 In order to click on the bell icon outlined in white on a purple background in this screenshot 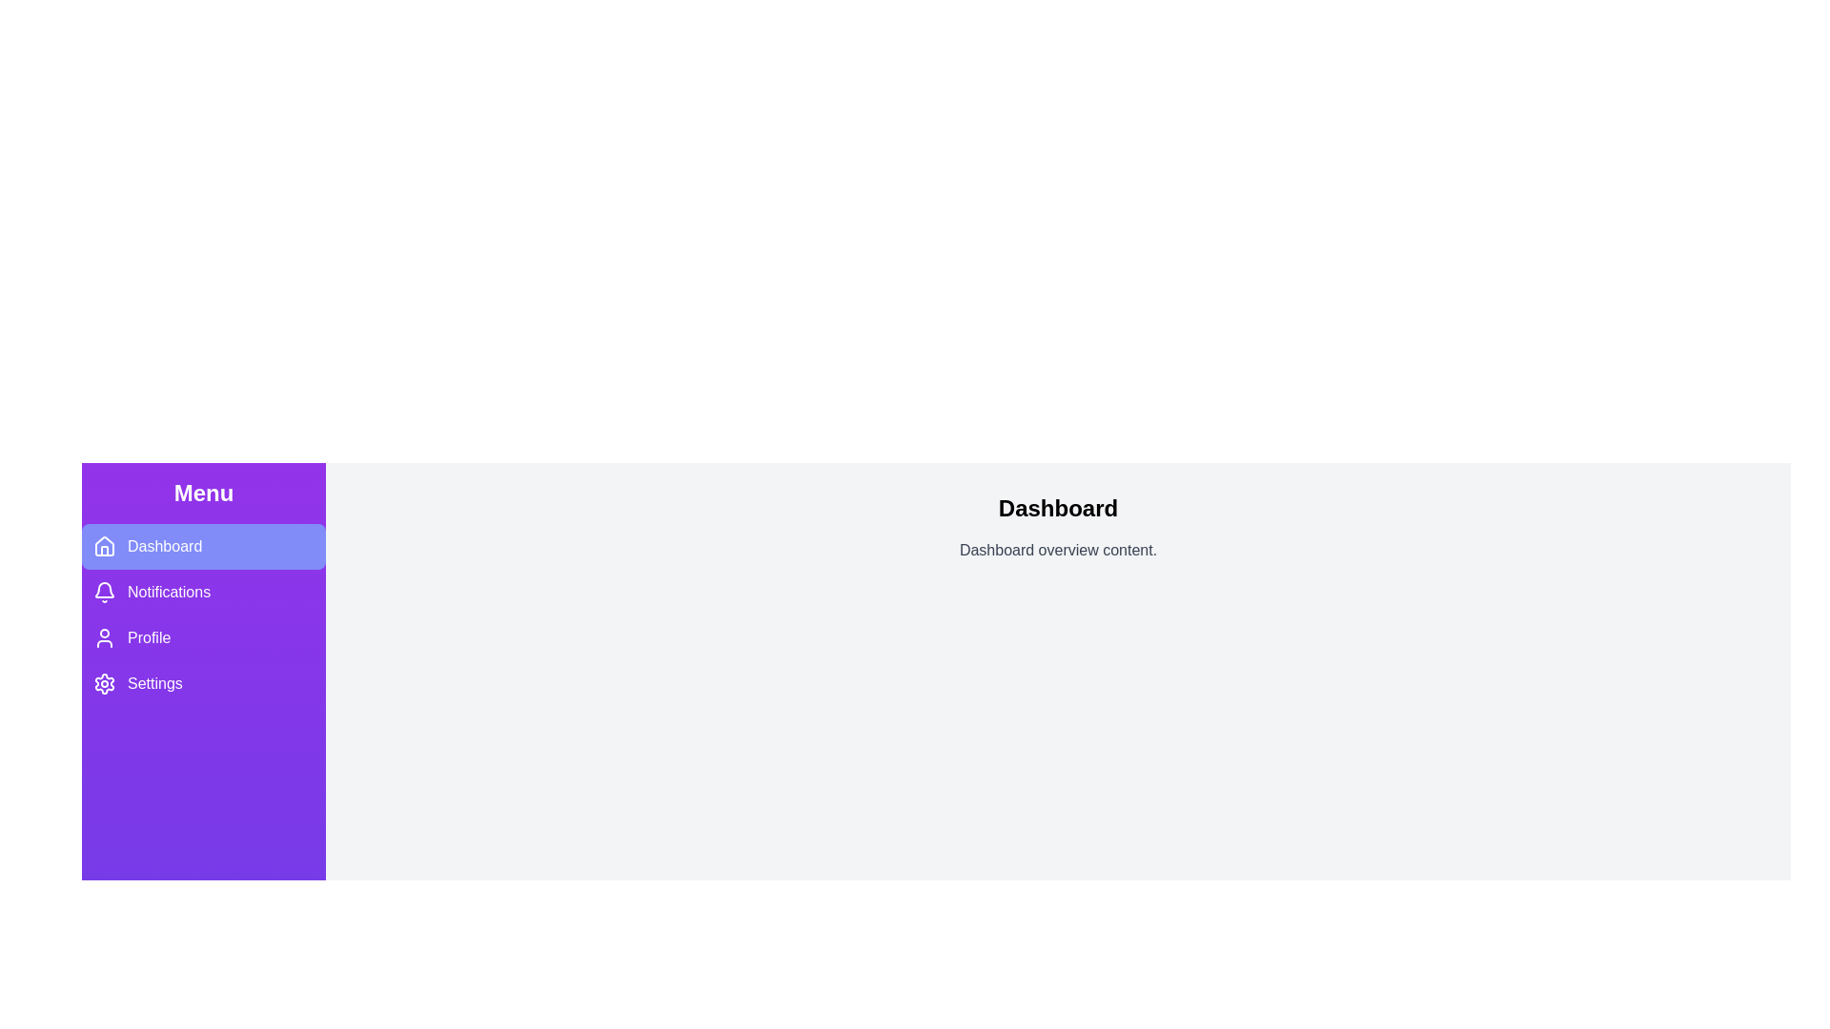, I will do `click(104, 591)`.